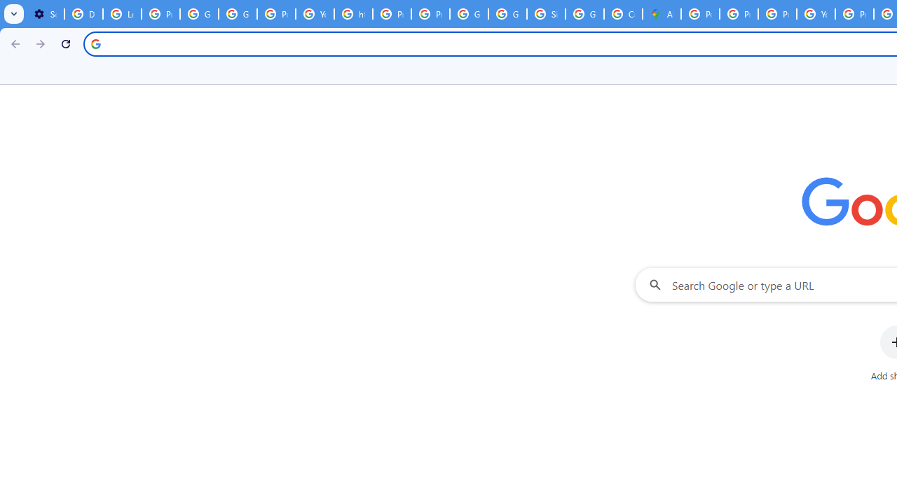  I want to click on 'https://scholar.google.com/', so click(353, 14).